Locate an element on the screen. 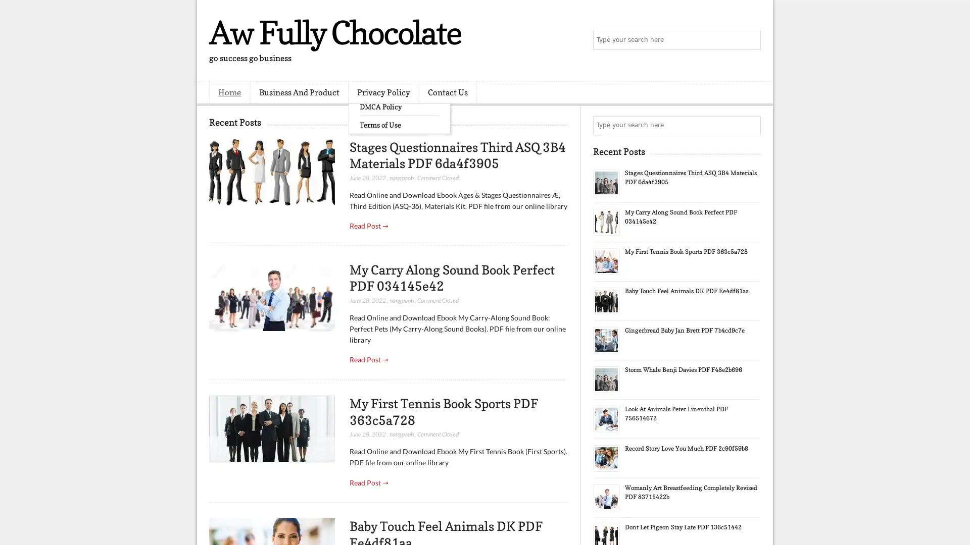 The height and width of the screenshot is (545, 970). Search is located at coordinates (750, 125).